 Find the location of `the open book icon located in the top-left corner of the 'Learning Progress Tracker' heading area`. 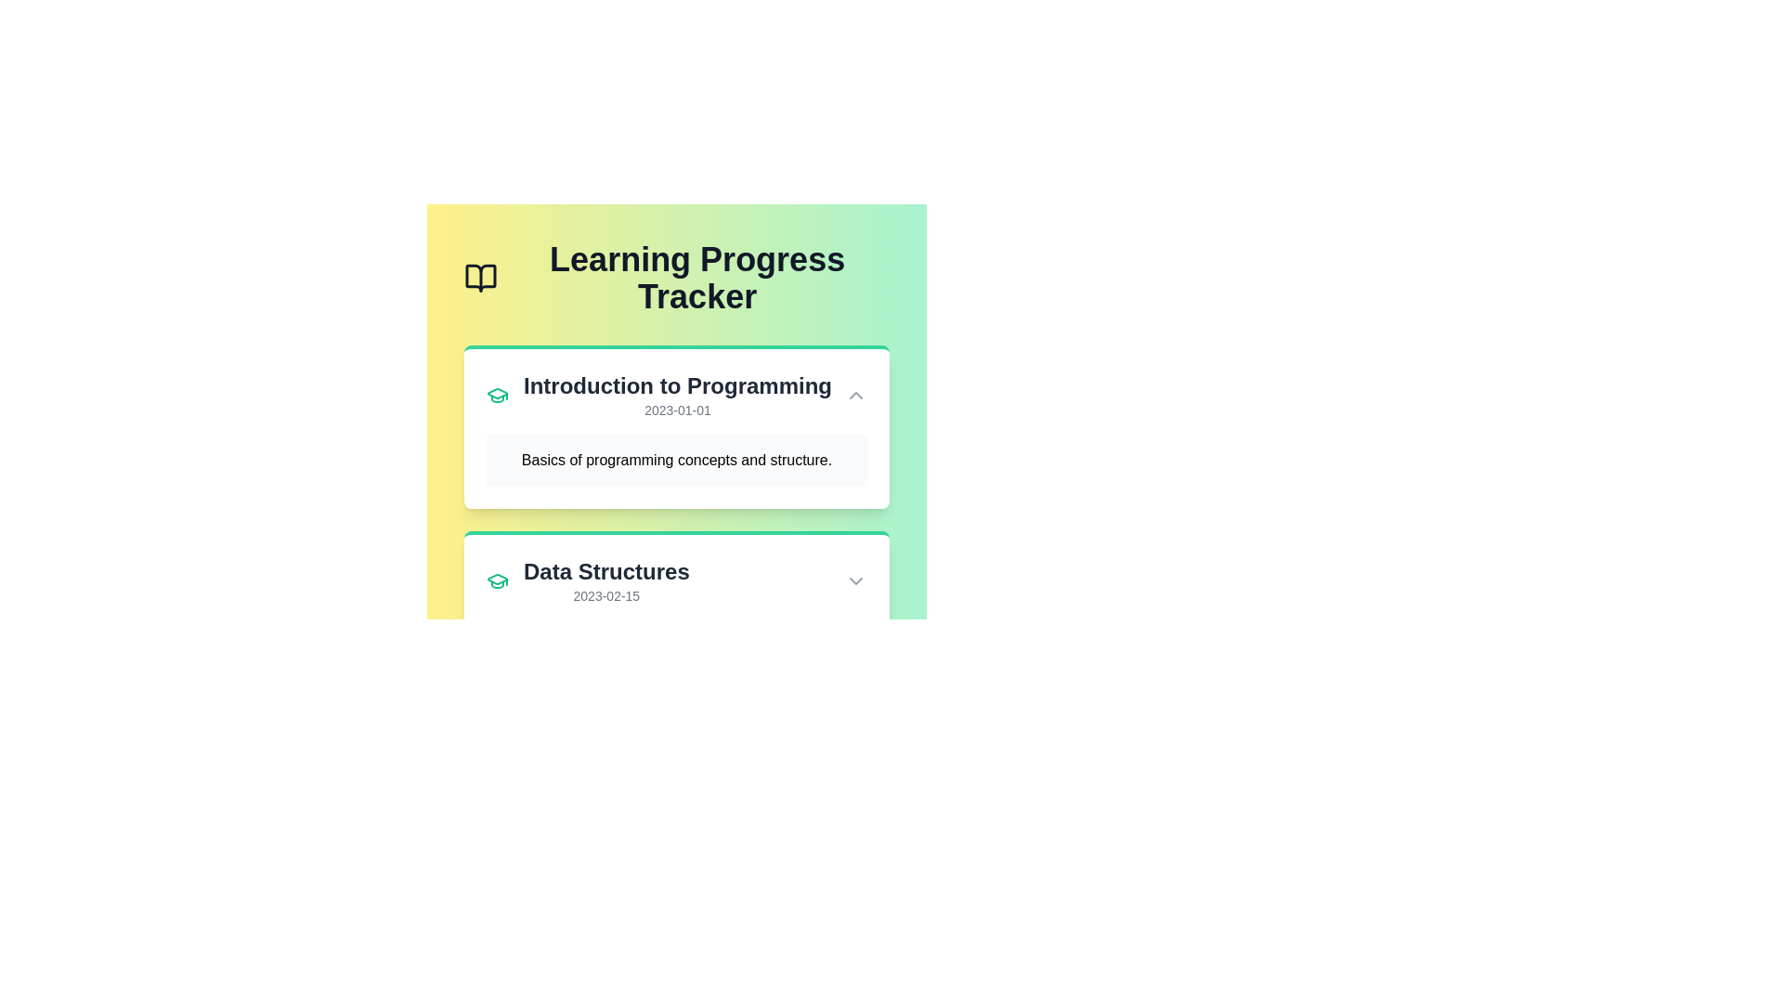

the open book icon located in the top-left corner of the 'Learning Progress Tracker' heading area is located at coordinates (481, 279).